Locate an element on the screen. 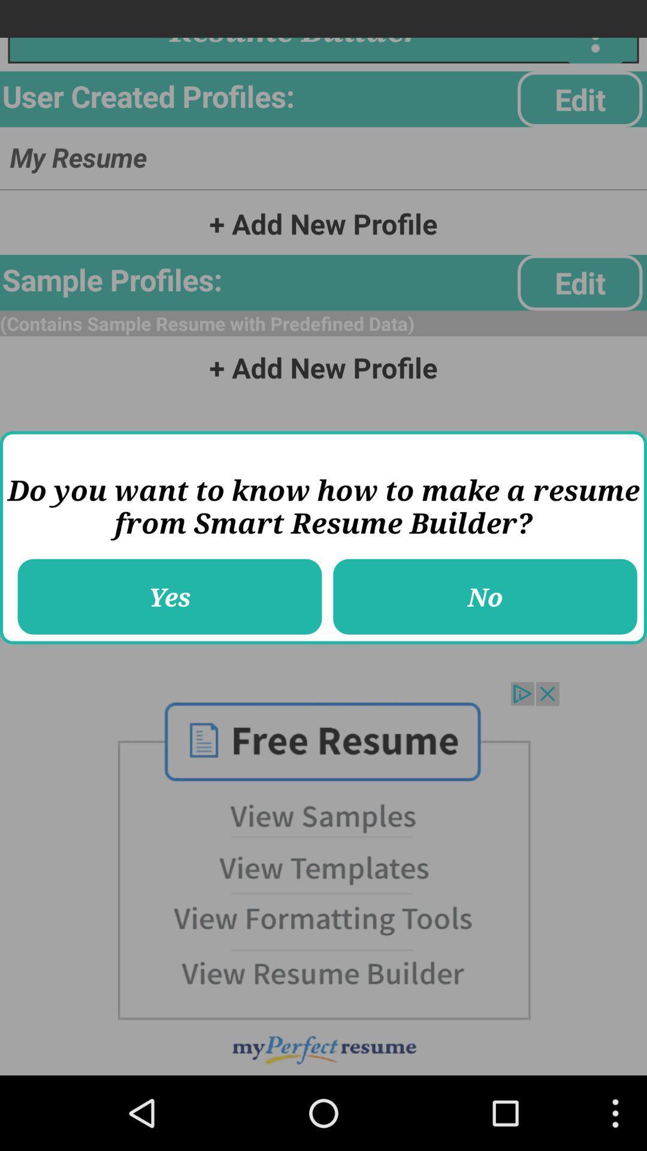  item below the do you want is located at coordinates (170, 596).